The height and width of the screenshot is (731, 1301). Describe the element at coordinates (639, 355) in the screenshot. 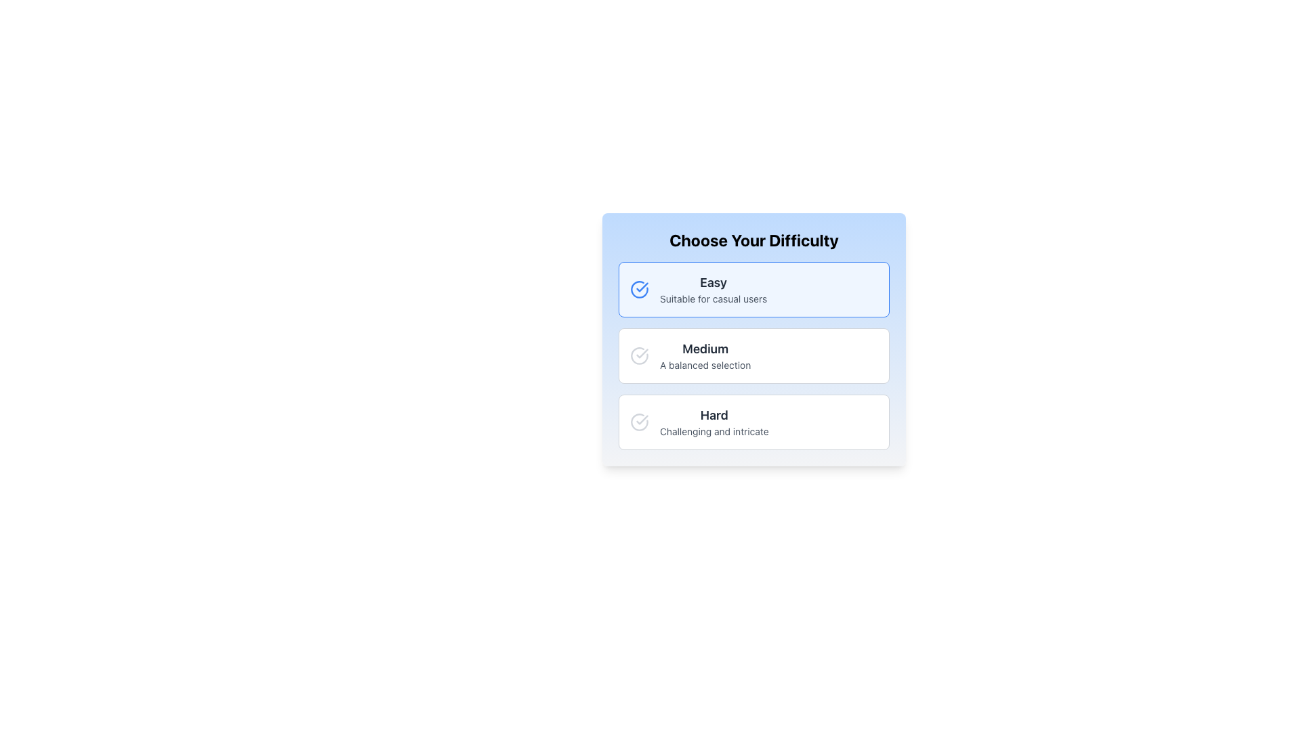

I see `the circular gray checkmark icon located in the second card labeled 'Medium' in the 'Choose Your Difficulty' section` at that location.